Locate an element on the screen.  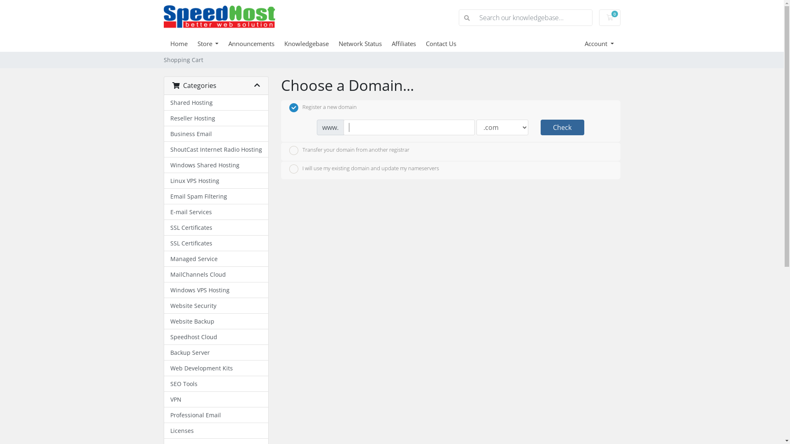
'SSL Certificates' is located at coordinates (216, 243).